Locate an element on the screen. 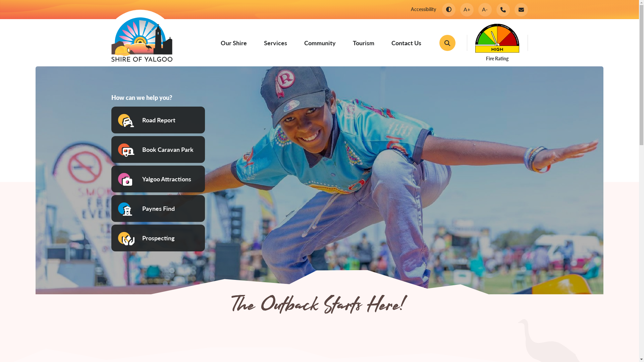  'Paynes Find' is located at coordinates (158, 208).